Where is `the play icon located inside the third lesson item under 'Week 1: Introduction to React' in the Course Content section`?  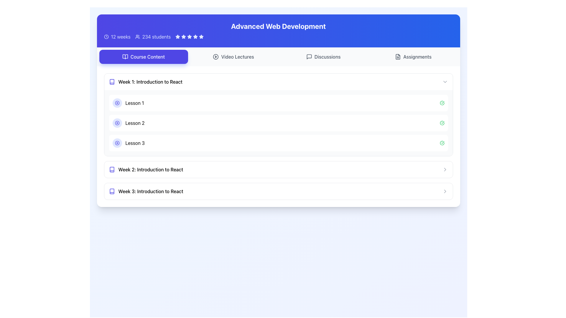
the play icon located inside the third lesson item under 'Week 1: Introduction to React' in the Course Content section is located at coordinates (117, 143).